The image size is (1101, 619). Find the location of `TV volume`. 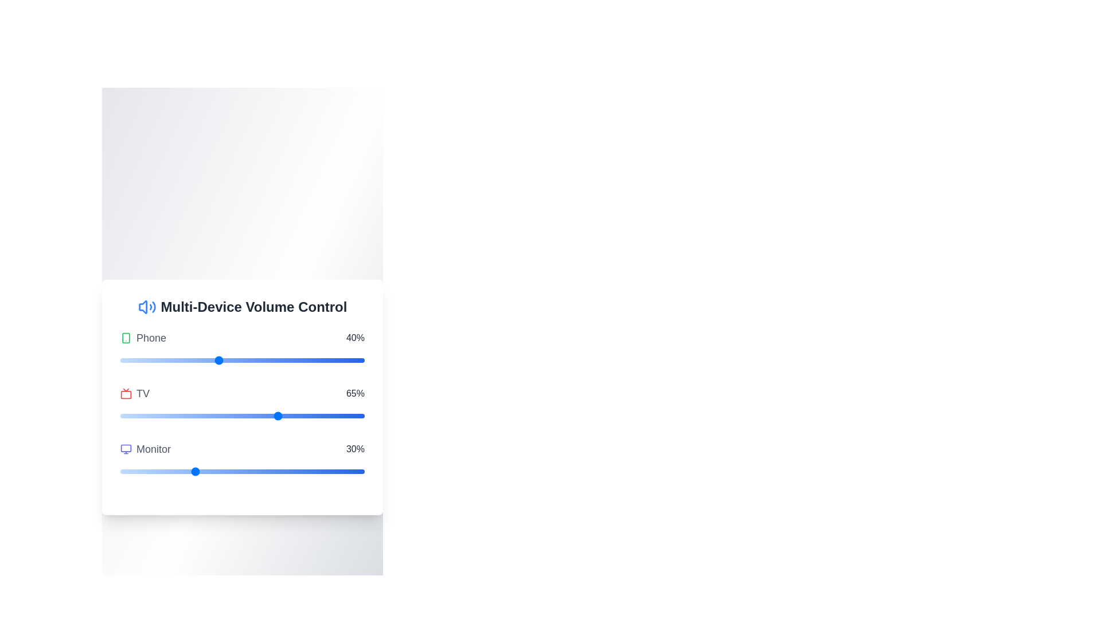

TV volume is located at coordinates (186, 416).